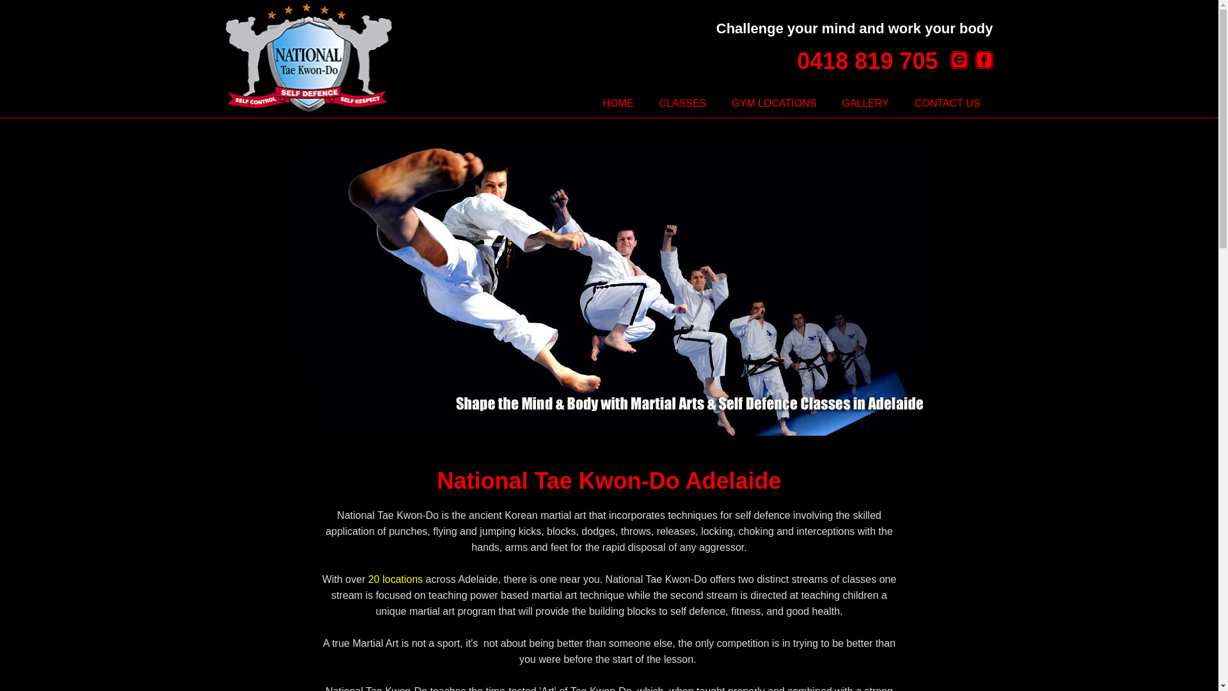  I want to click on 'GALLERY', so click(865, 103).